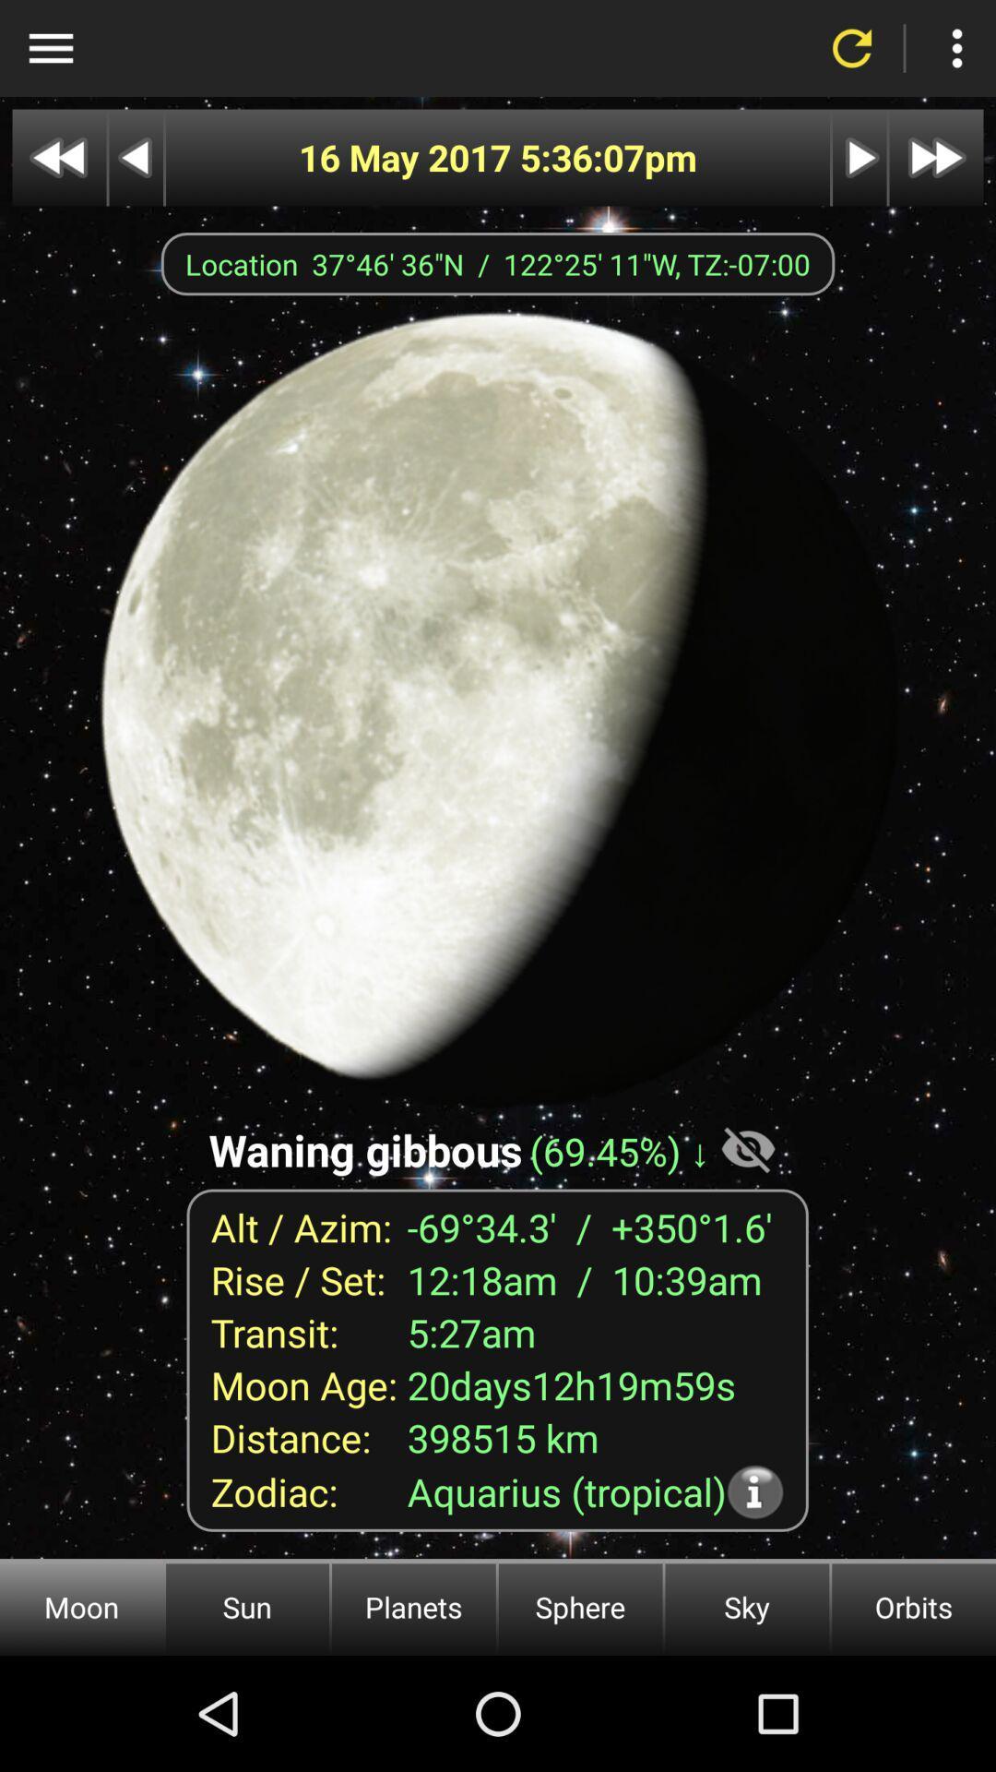 Image resolution: width=996 pixels, height=1772 pixels. Describe the element at coordinates (135, 158) in the screenshot. I see `the email icon` at that location.